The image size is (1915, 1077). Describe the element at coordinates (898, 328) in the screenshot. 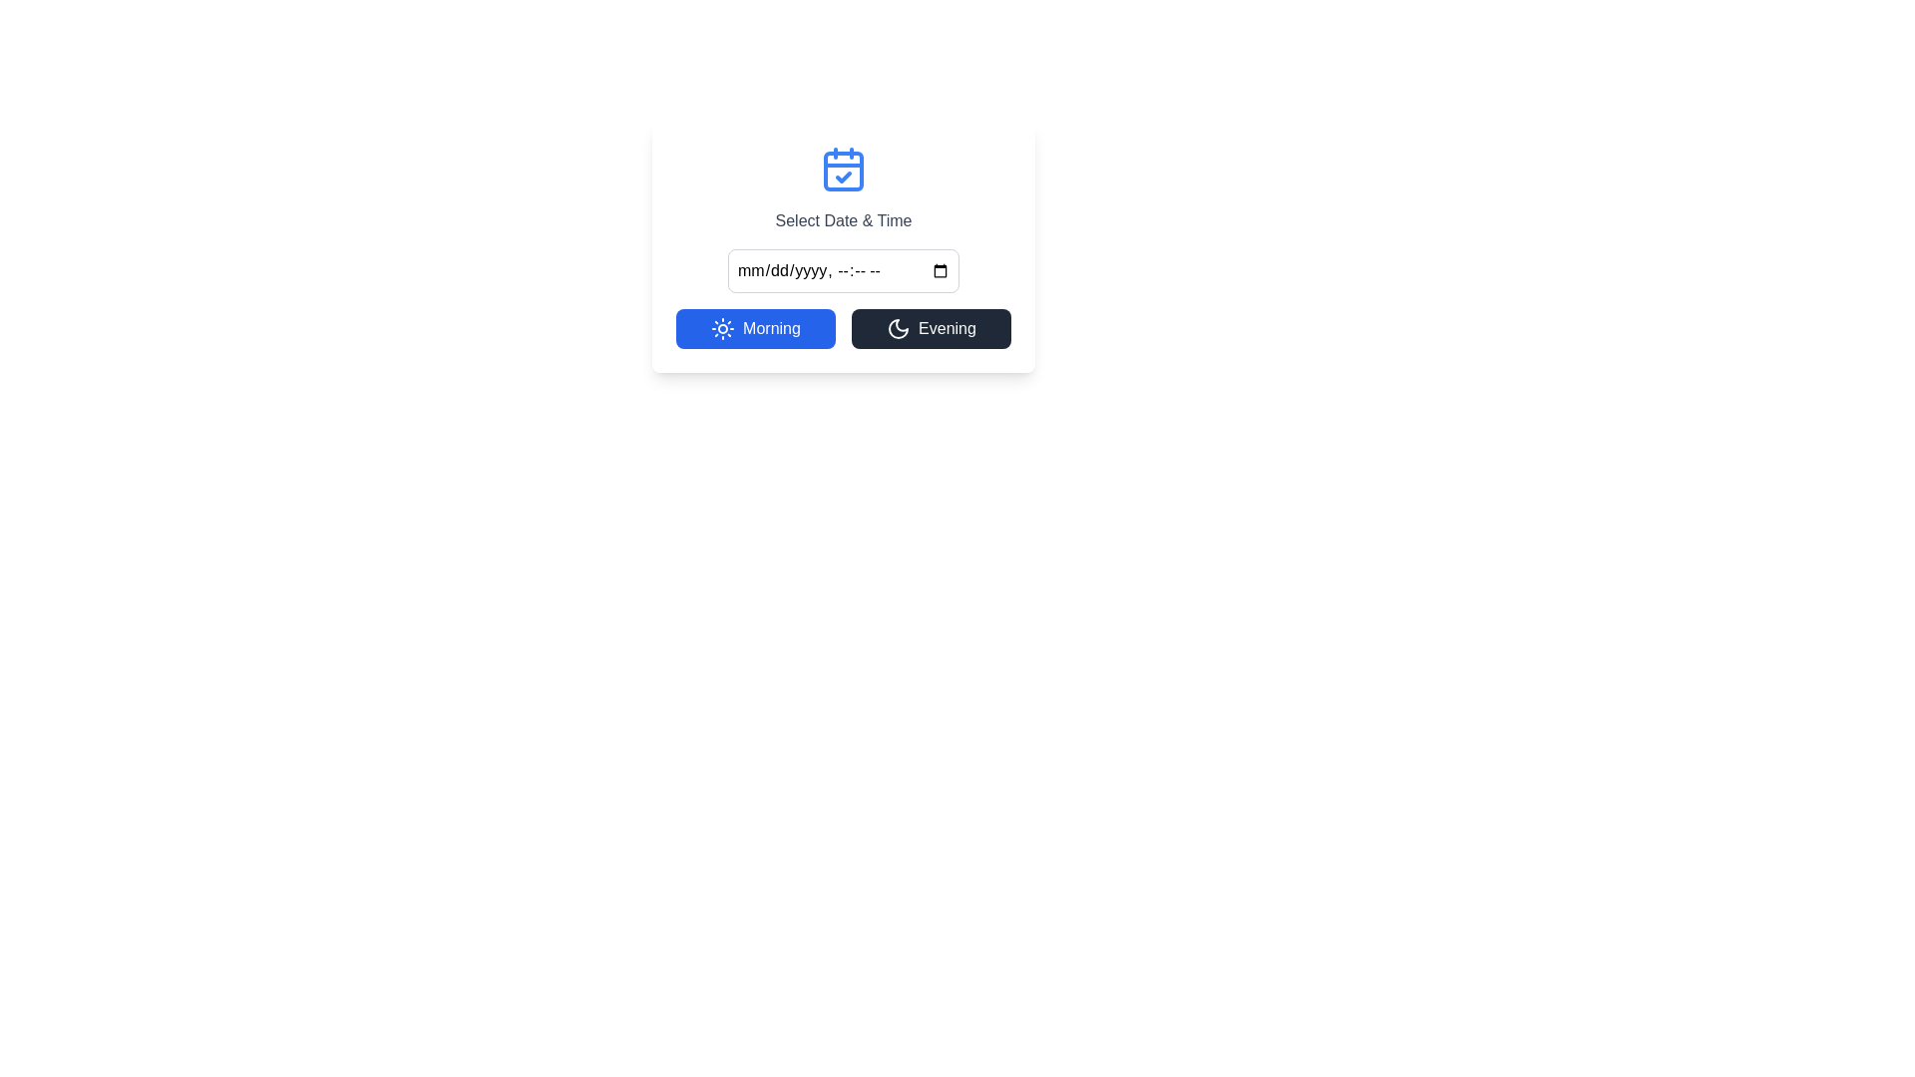

I see `the crescent moon icon styled as an outline, which is positioned to the left of the text 'Evening' within a rectangular dark-colored button at the bottom right of the main interface` at that location.